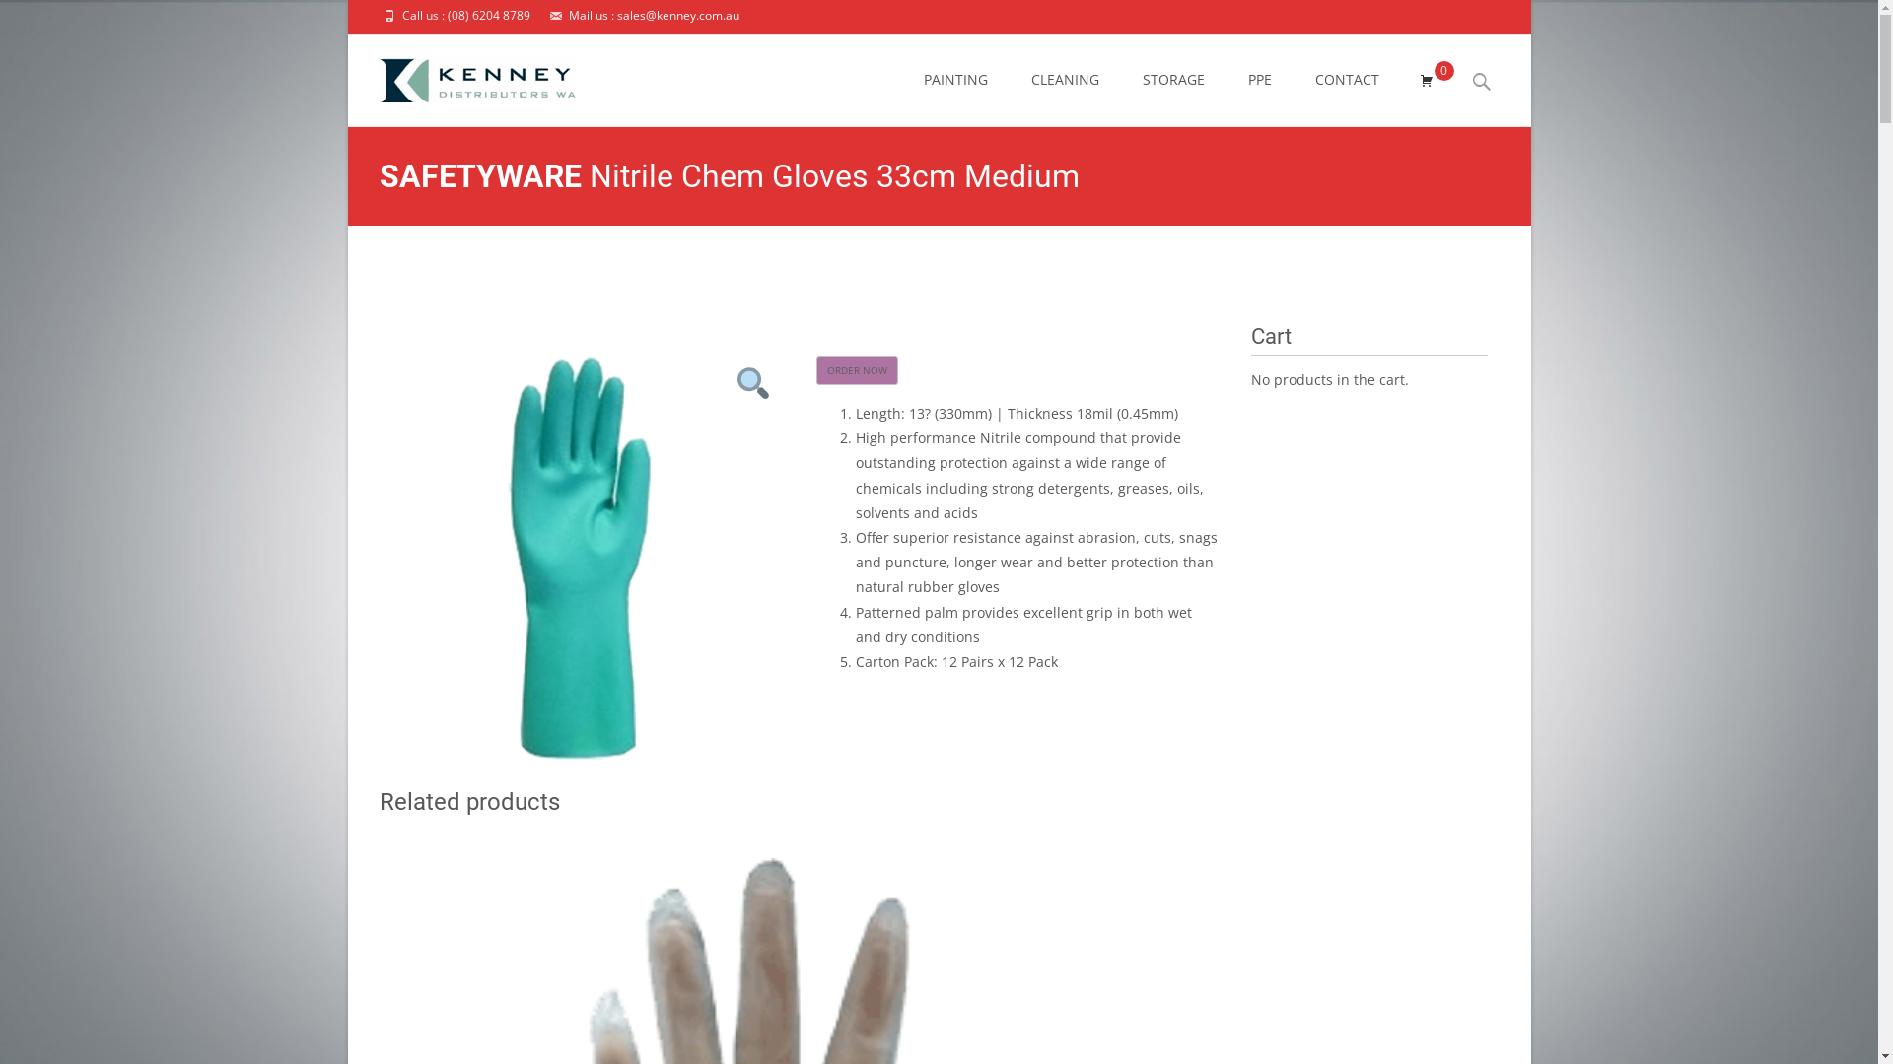  Describe the element at coordinates (1134, 274) in the screenshot. I see `'GLOVES'` at that location.